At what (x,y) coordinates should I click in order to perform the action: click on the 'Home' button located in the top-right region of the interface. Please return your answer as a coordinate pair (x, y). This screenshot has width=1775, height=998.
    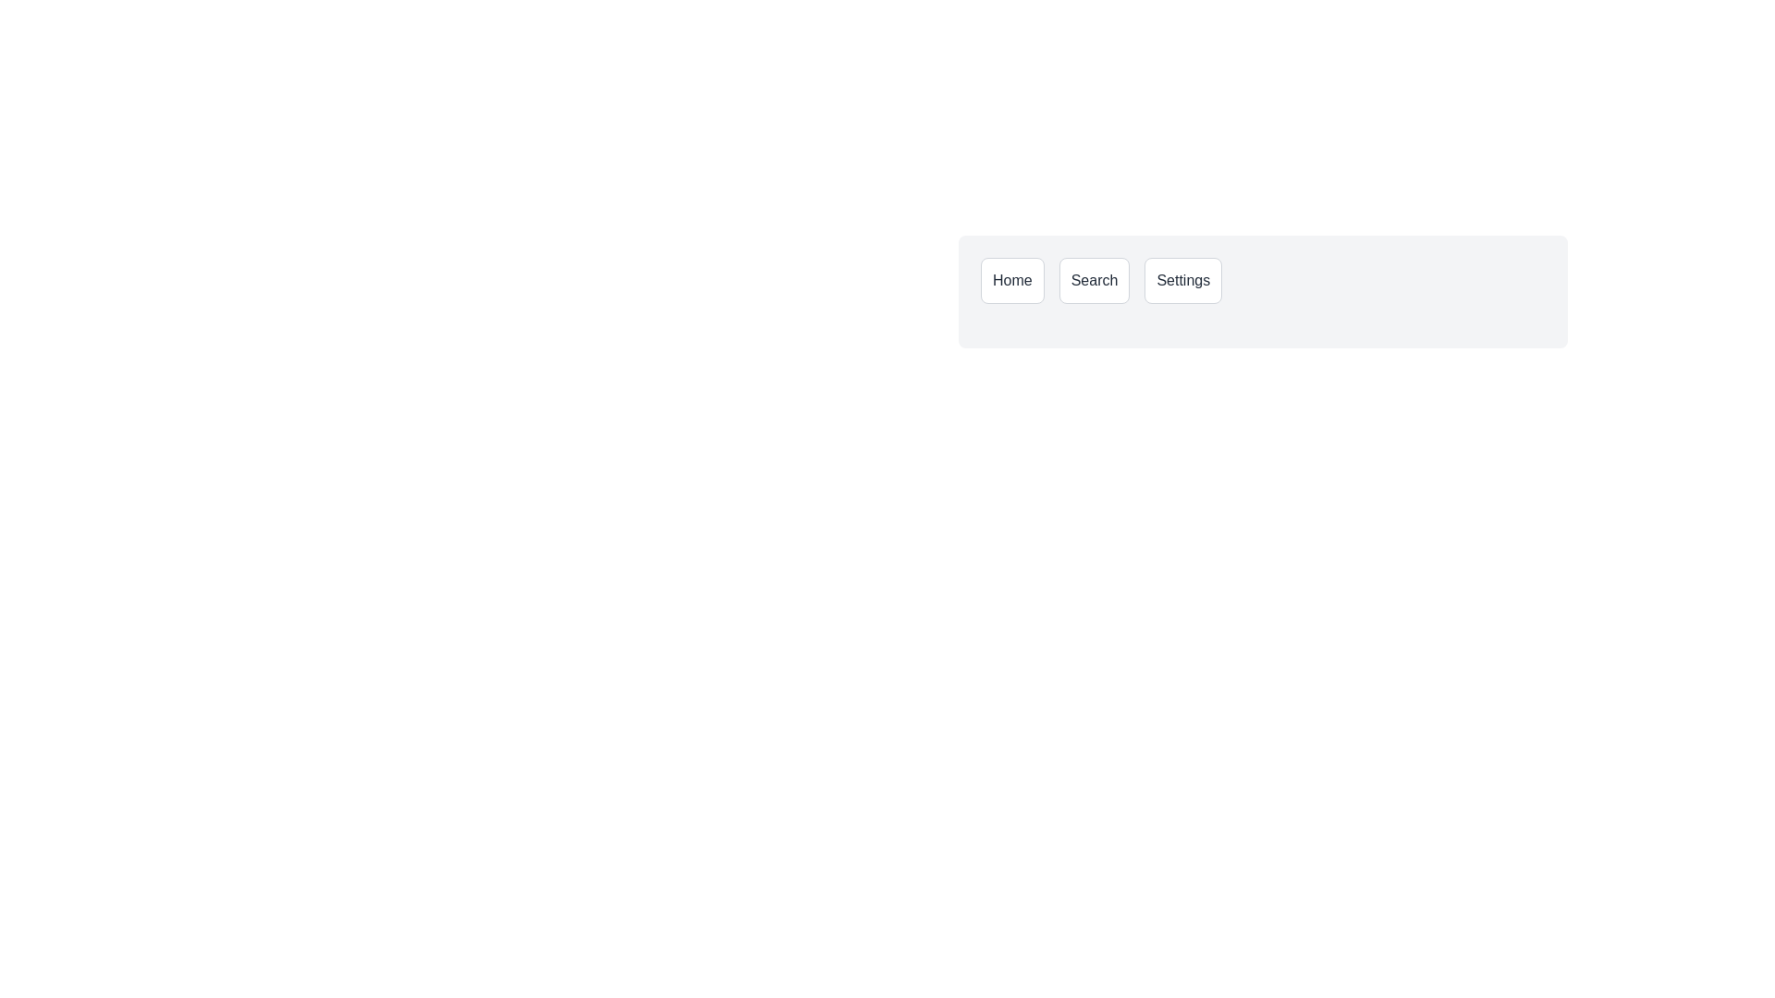
    Looking at the image, I should click on (1011, 281).